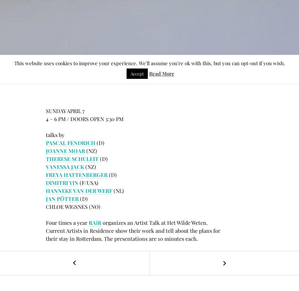 This screenshot has width=299, height=291. I want to click on 'DIMITRI YIN', so click(62, 182).